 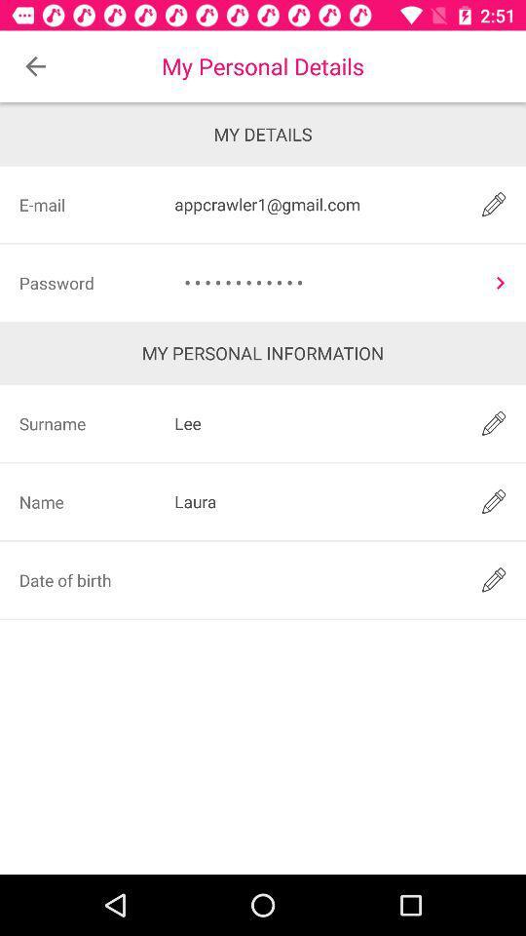 I want to click on type the password, so click(x=315, y=579).